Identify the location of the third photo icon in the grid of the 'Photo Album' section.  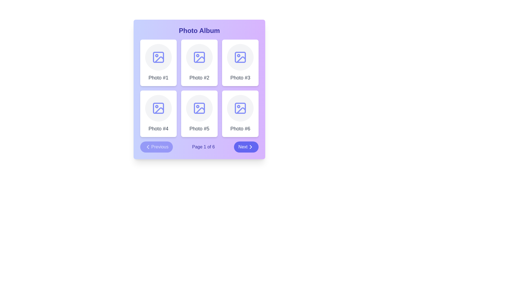
(241, 60).